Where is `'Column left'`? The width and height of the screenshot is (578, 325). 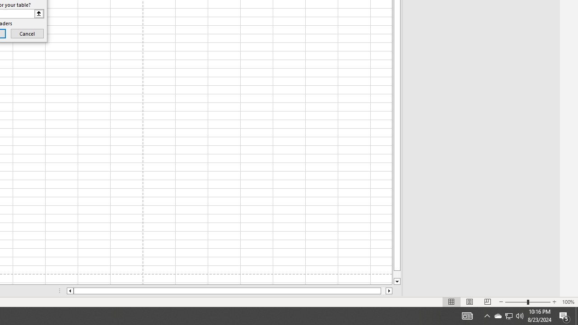
'Column left' is located at coordinates (69, 291).